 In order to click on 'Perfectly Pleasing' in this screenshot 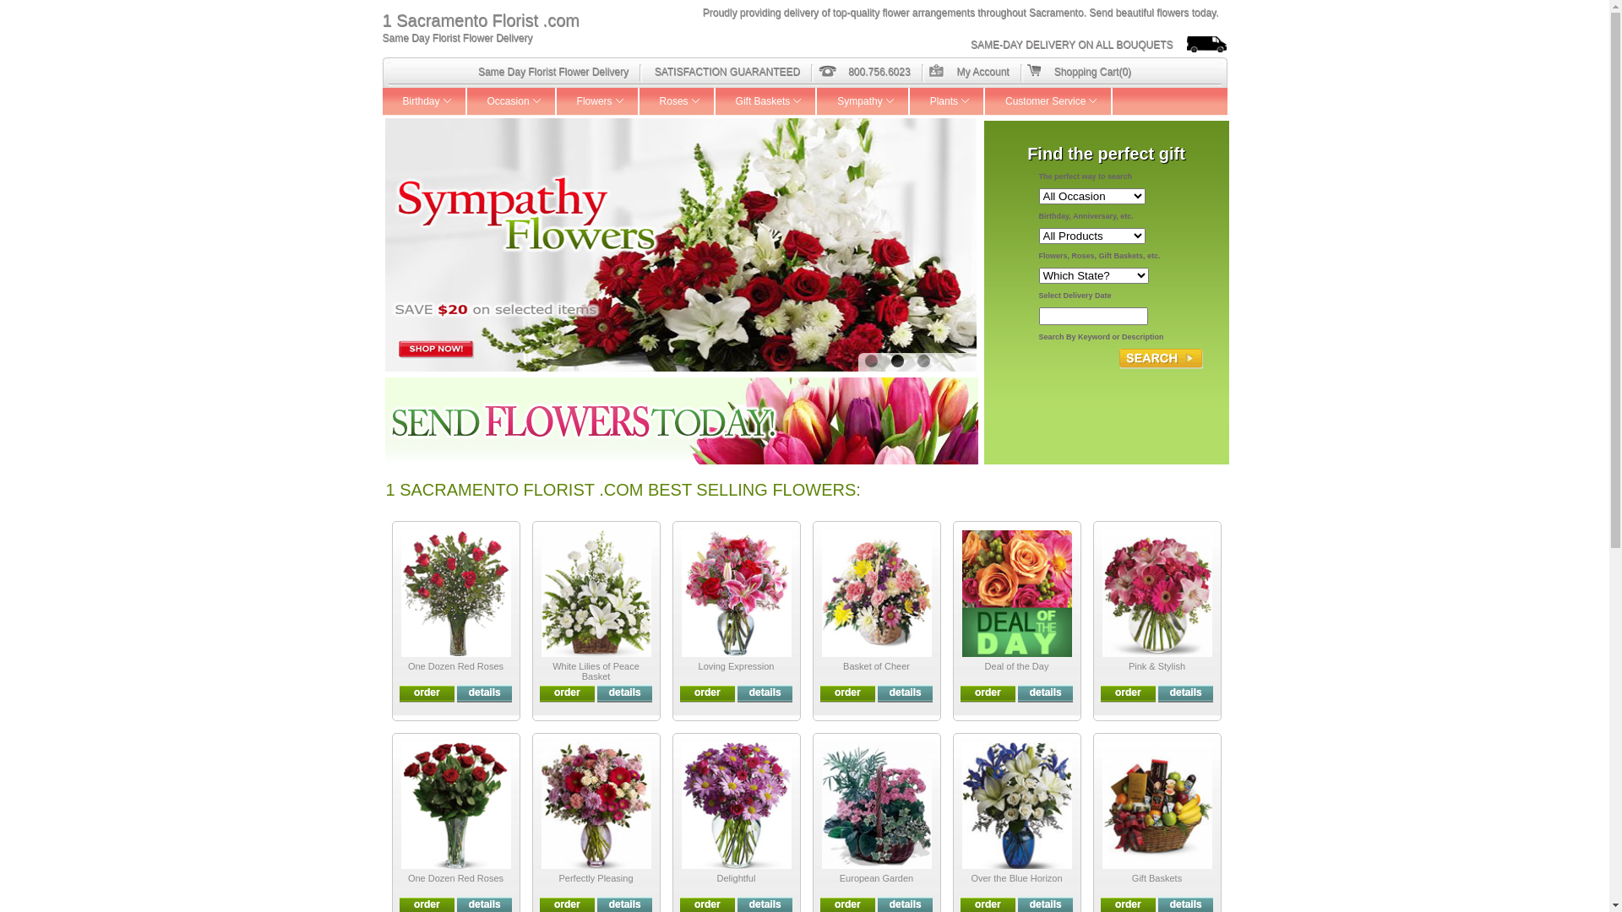, I will do `click(596, 877)`.